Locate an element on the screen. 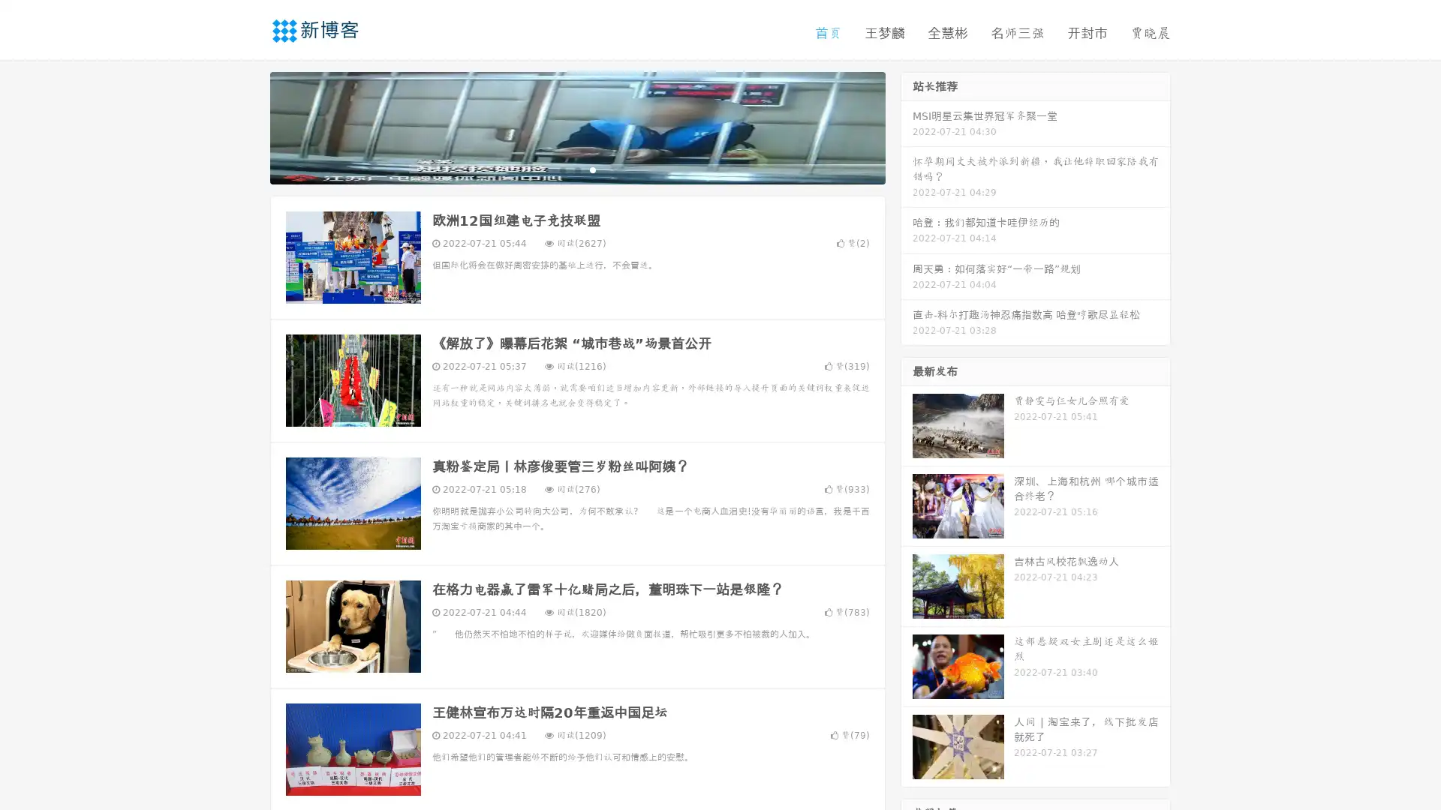  Go to slide 2 is located at coordinates (576, 169).